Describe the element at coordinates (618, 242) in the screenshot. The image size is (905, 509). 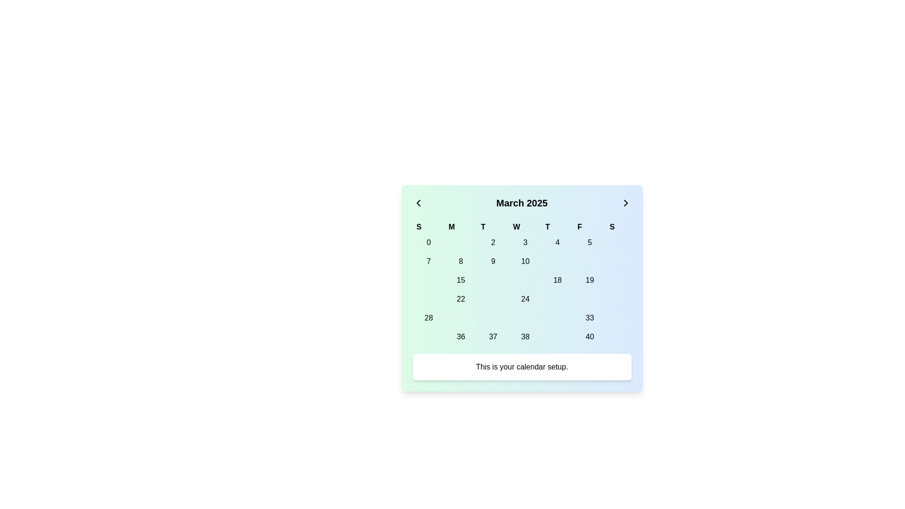
I see `the visual indicator marking a specific date in the Saturday column of the calendar` at that location.